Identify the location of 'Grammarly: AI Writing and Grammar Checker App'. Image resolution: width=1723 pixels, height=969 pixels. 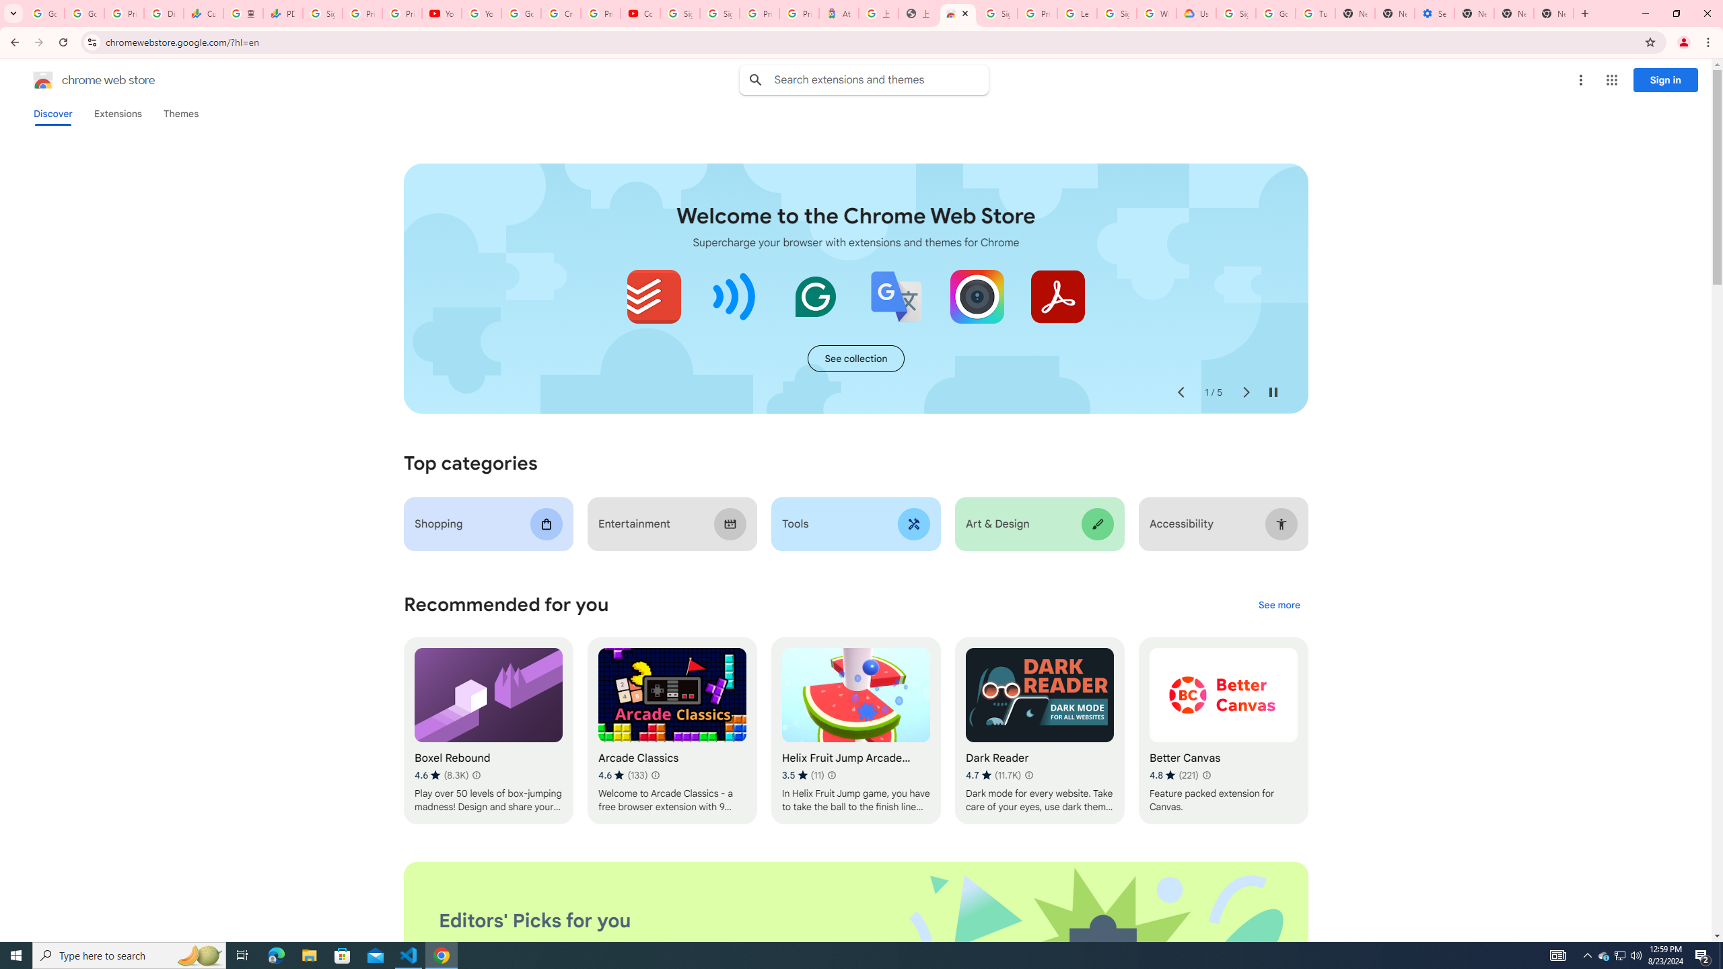
(815, 296).